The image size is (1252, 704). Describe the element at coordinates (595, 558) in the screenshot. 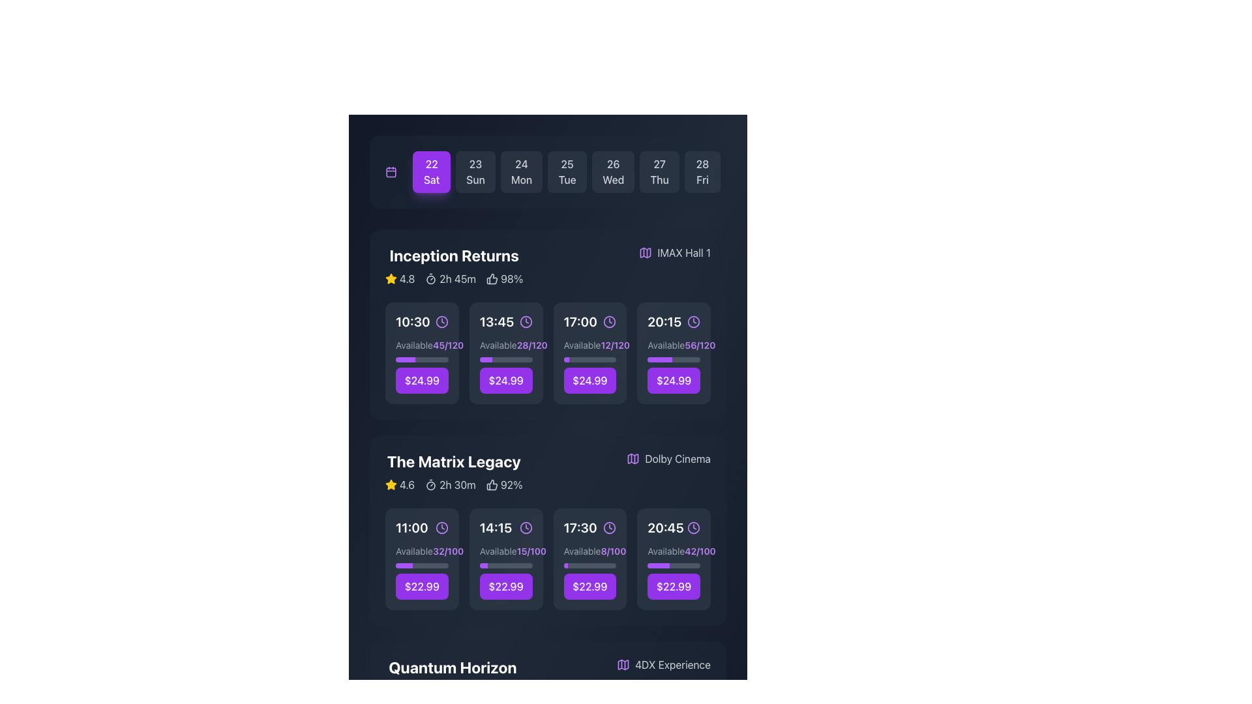

I see `the 'Select Seats' text label, which is styled with a purple background and white text, located within the button in the bottom right section of the 'The Matrix Legacy' card at the '17:30' showtime` at that location.